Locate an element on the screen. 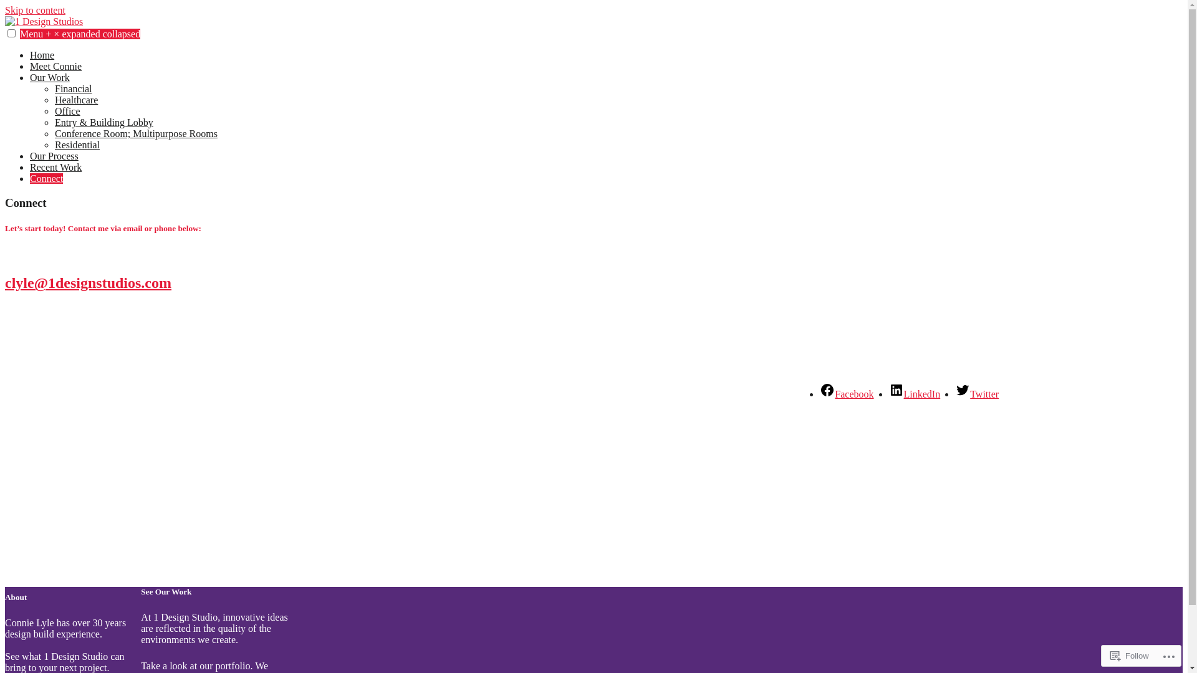  'Connect' is located at coordinates (46, 178).